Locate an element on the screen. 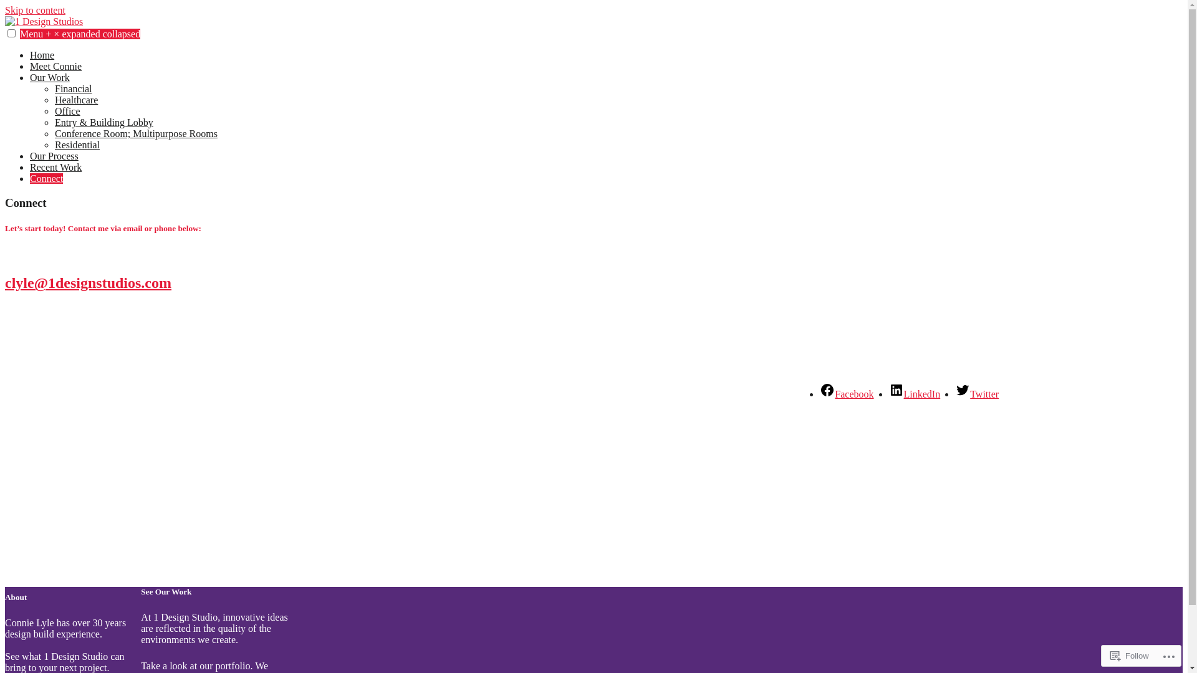  'Connect' is located at coordinates (46, 178).